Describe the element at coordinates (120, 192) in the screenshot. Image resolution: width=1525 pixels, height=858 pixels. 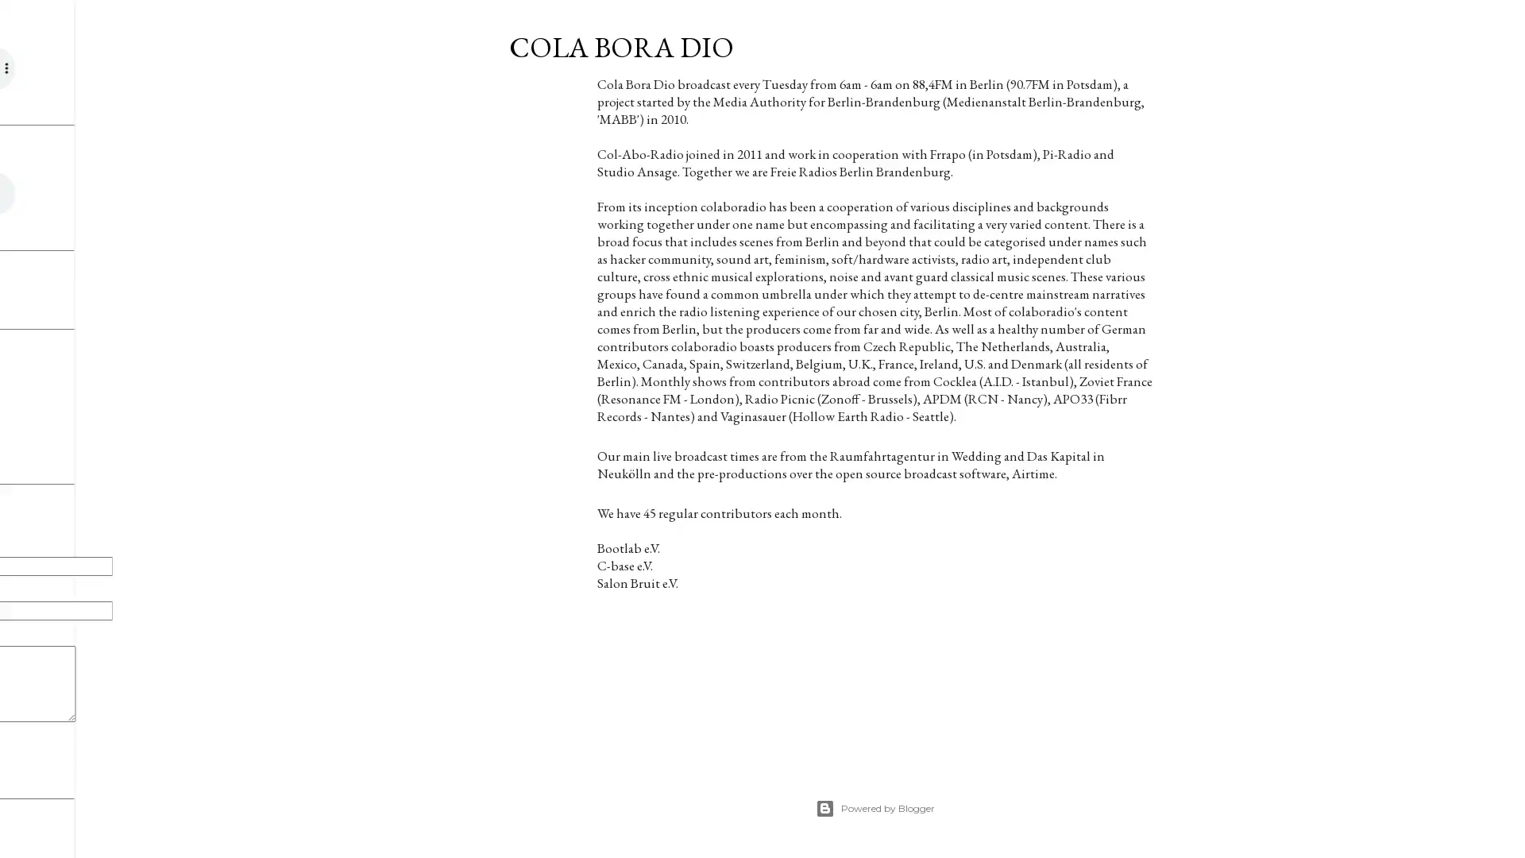
I see `mute` at that location.